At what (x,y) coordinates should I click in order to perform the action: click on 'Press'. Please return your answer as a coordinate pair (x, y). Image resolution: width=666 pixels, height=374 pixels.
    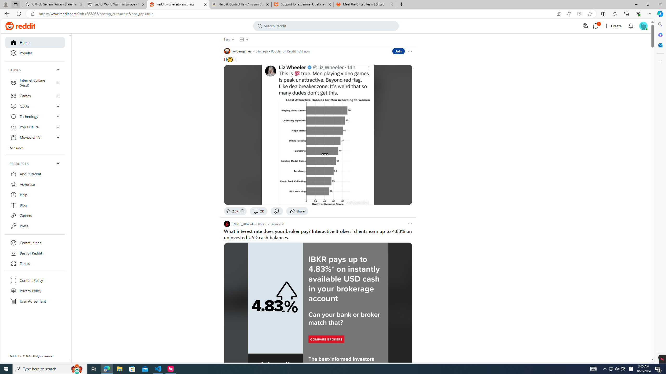
    Looking at the image, I should click on (35, 226).